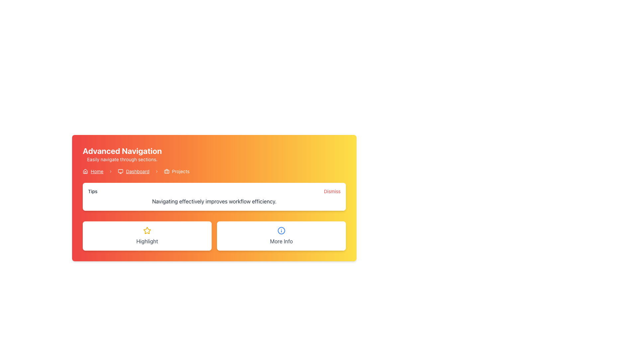 This screenshot has width=638, height=359. What do you see at coordinates (281, 235) in the screenshot?
I see `the 'More Info' card located in the bottom-right segment of the grid layout, positioned to the right of the 'Highlight' card` at bounding box center [281, 235].